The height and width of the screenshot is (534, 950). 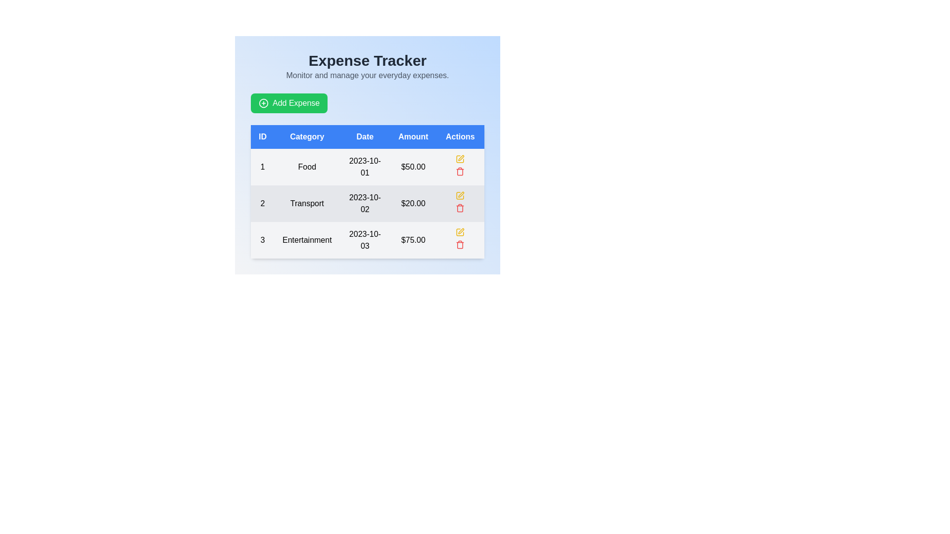 What do you see at coordinates (367, 167) in the screenshot?
I see `to select the first row of the expense entry table, which contains details such as ID, category, date, and amount, located before the row displaying '2 Transport 2023-10-02 $20.00'` at bounding box center [367, 167].